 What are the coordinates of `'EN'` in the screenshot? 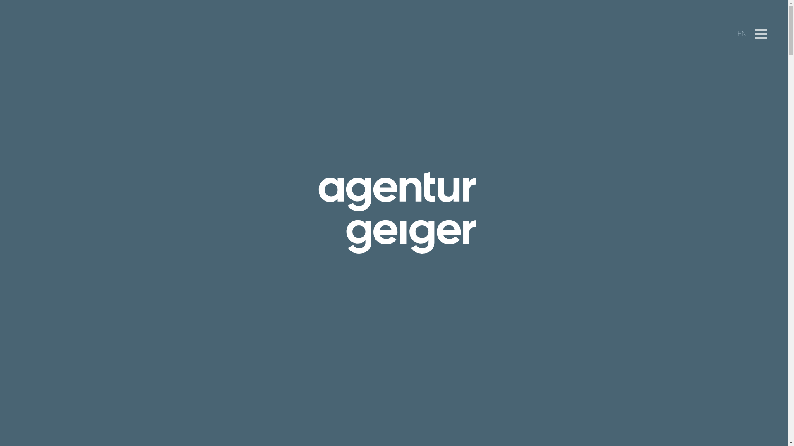 It's located at (737, 33).